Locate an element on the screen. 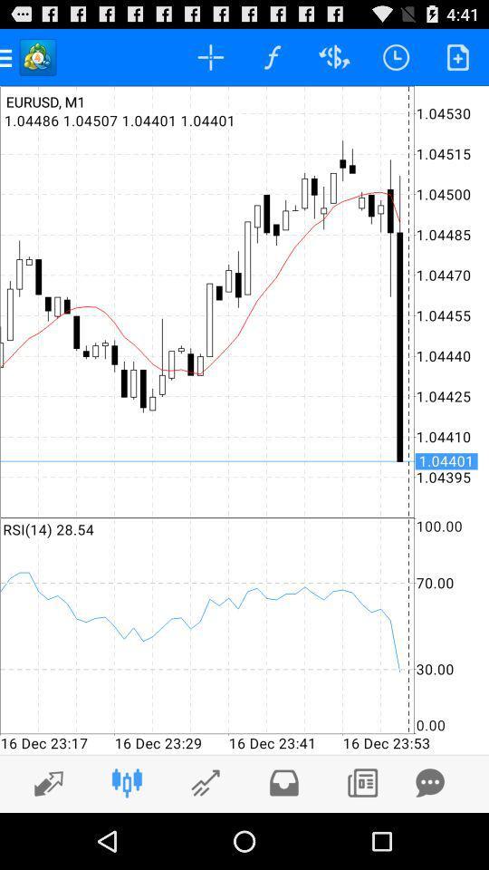  the symbol which has  symbol in it is located at coordinates (332, 56).